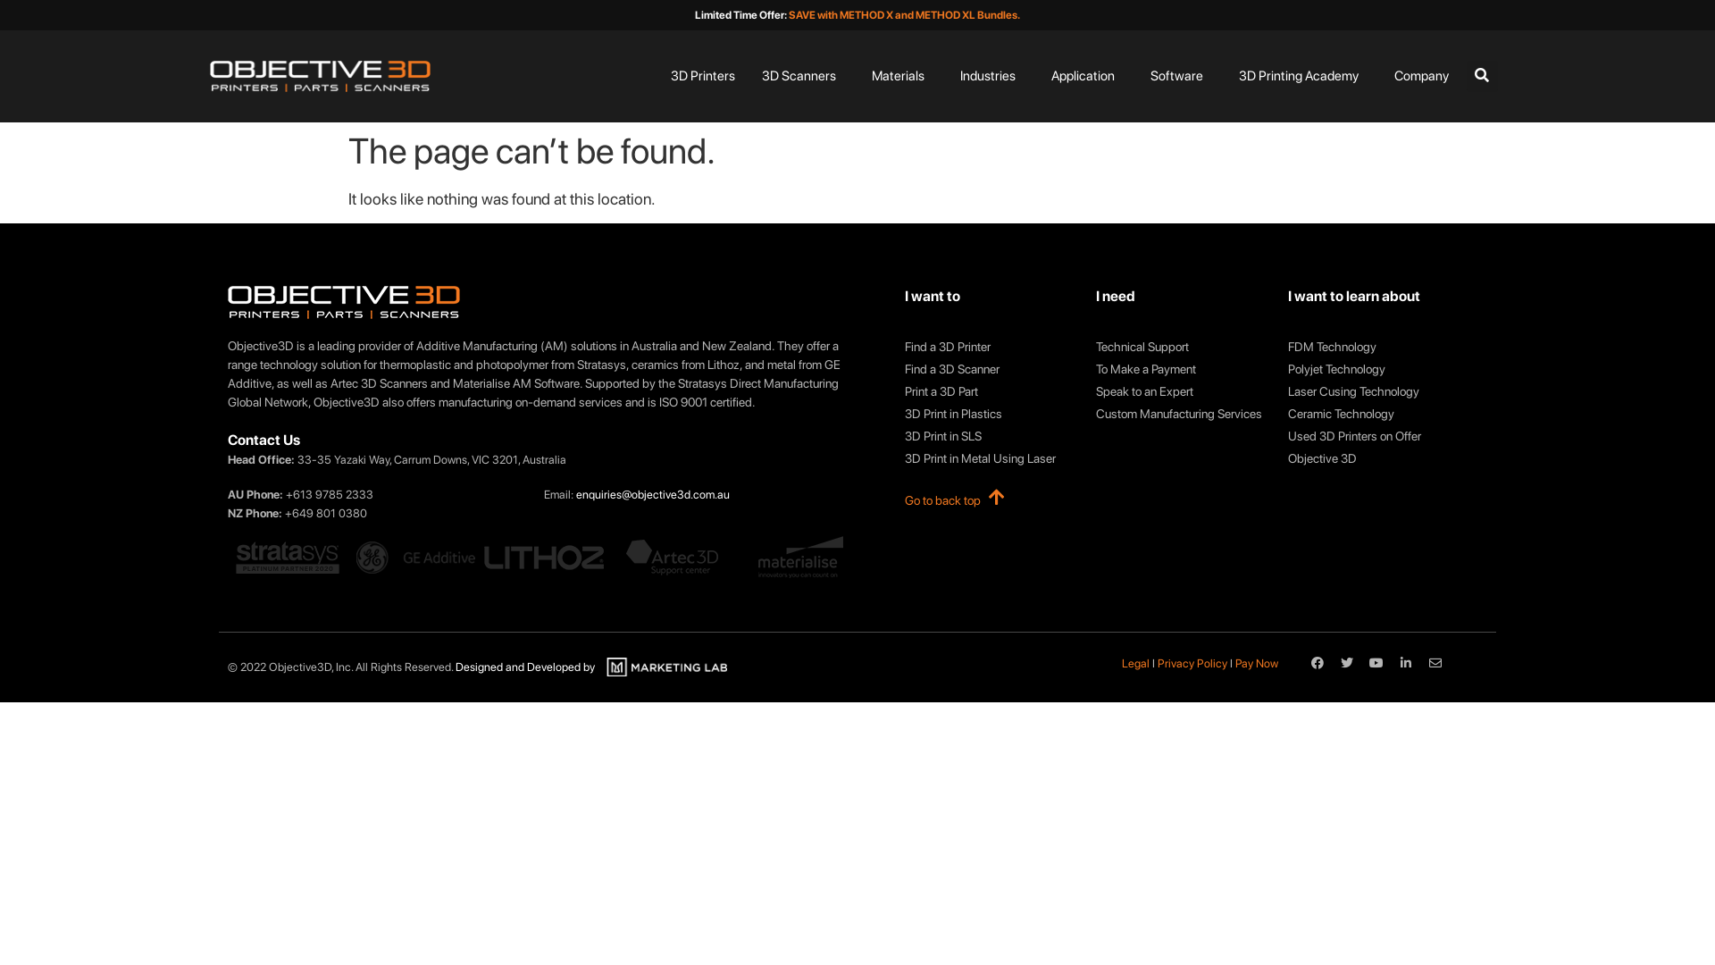 The image size is (1715, 965). I want to click on 'Privacy Policy', so click(1192, 663).